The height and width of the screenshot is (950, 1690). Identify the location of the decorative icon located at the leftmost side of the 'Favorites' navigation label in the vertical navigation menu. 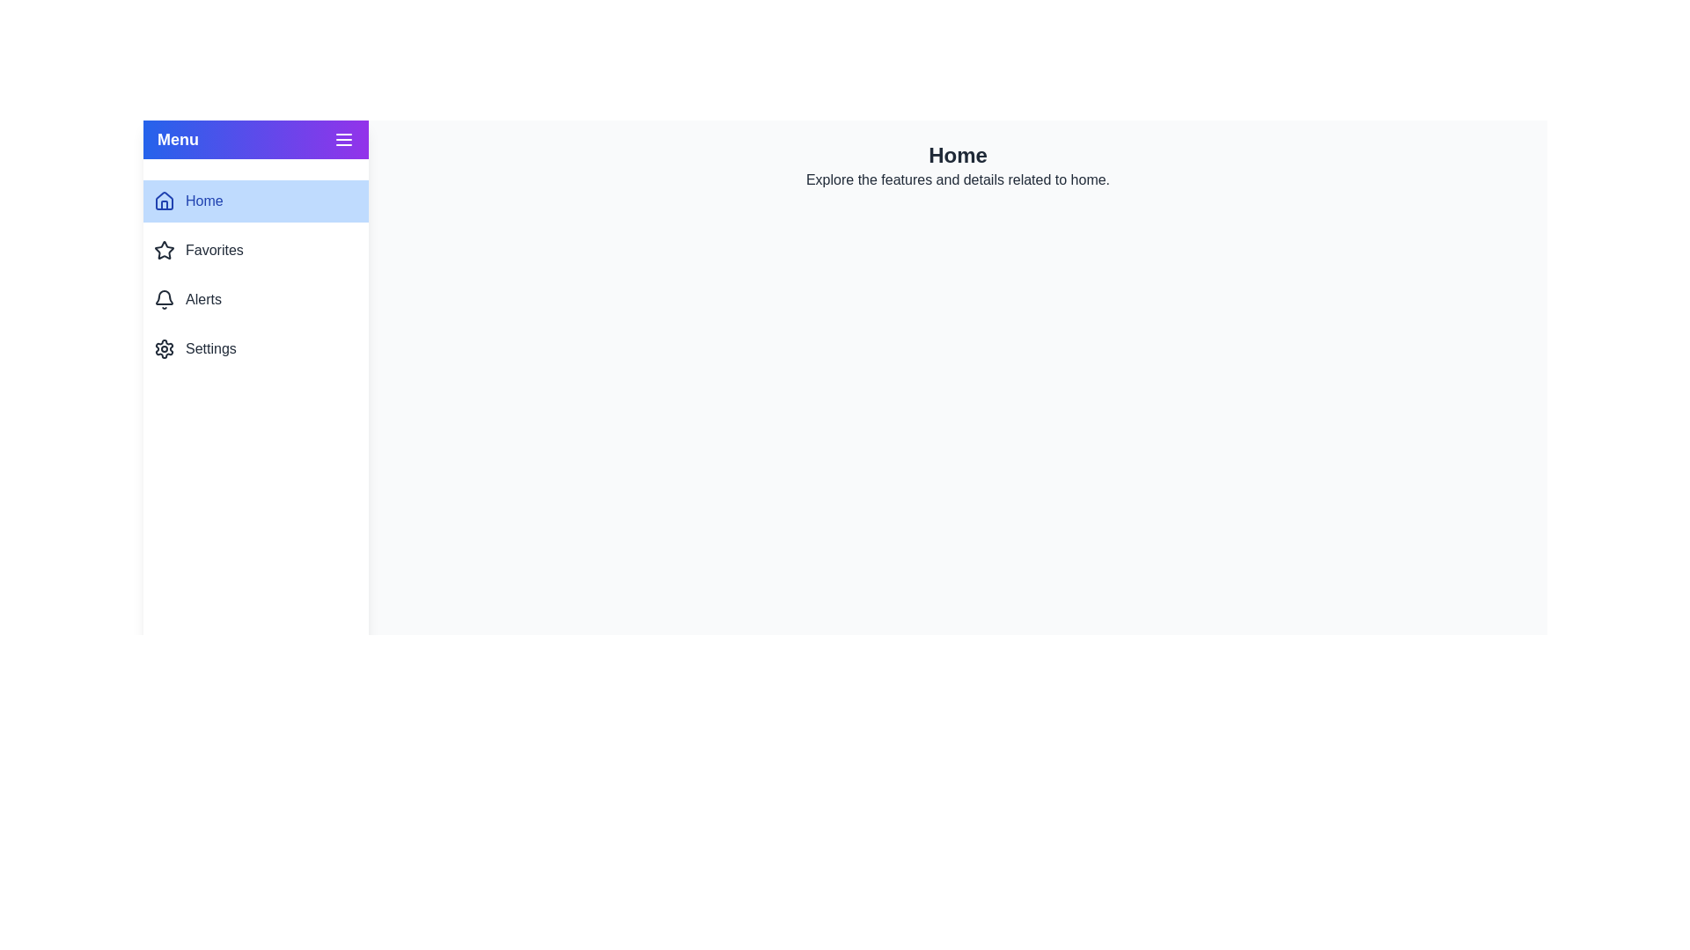
(165, 251).